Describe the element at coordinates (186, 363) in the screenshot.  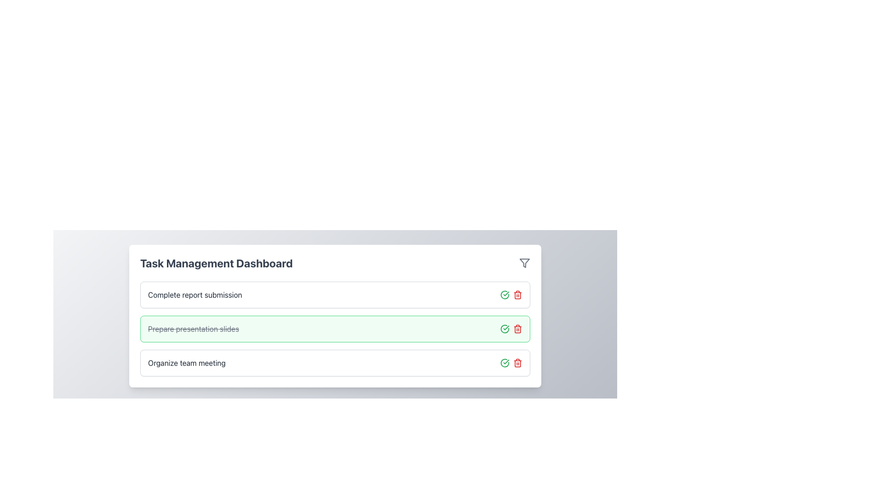
I see `the text label 'Organize team meeting' displayed in dark gray font within the bottom task box of the 'Task Management Dashboard'` at that location.